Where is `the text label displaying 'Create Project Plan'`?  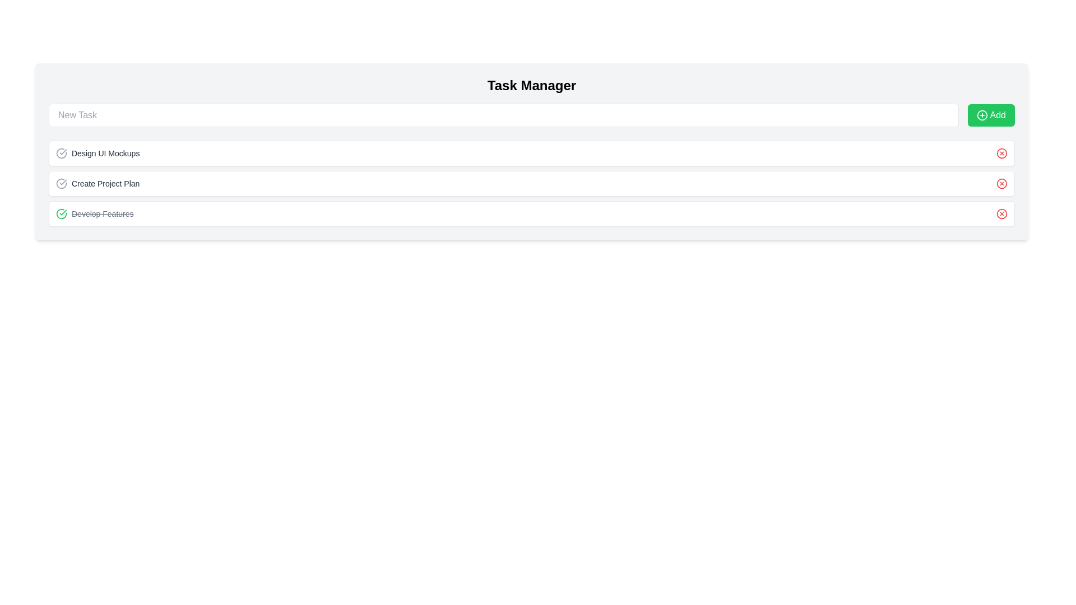
the text label displaying 'Create Project Plan' is located at coordinates (105, 183).